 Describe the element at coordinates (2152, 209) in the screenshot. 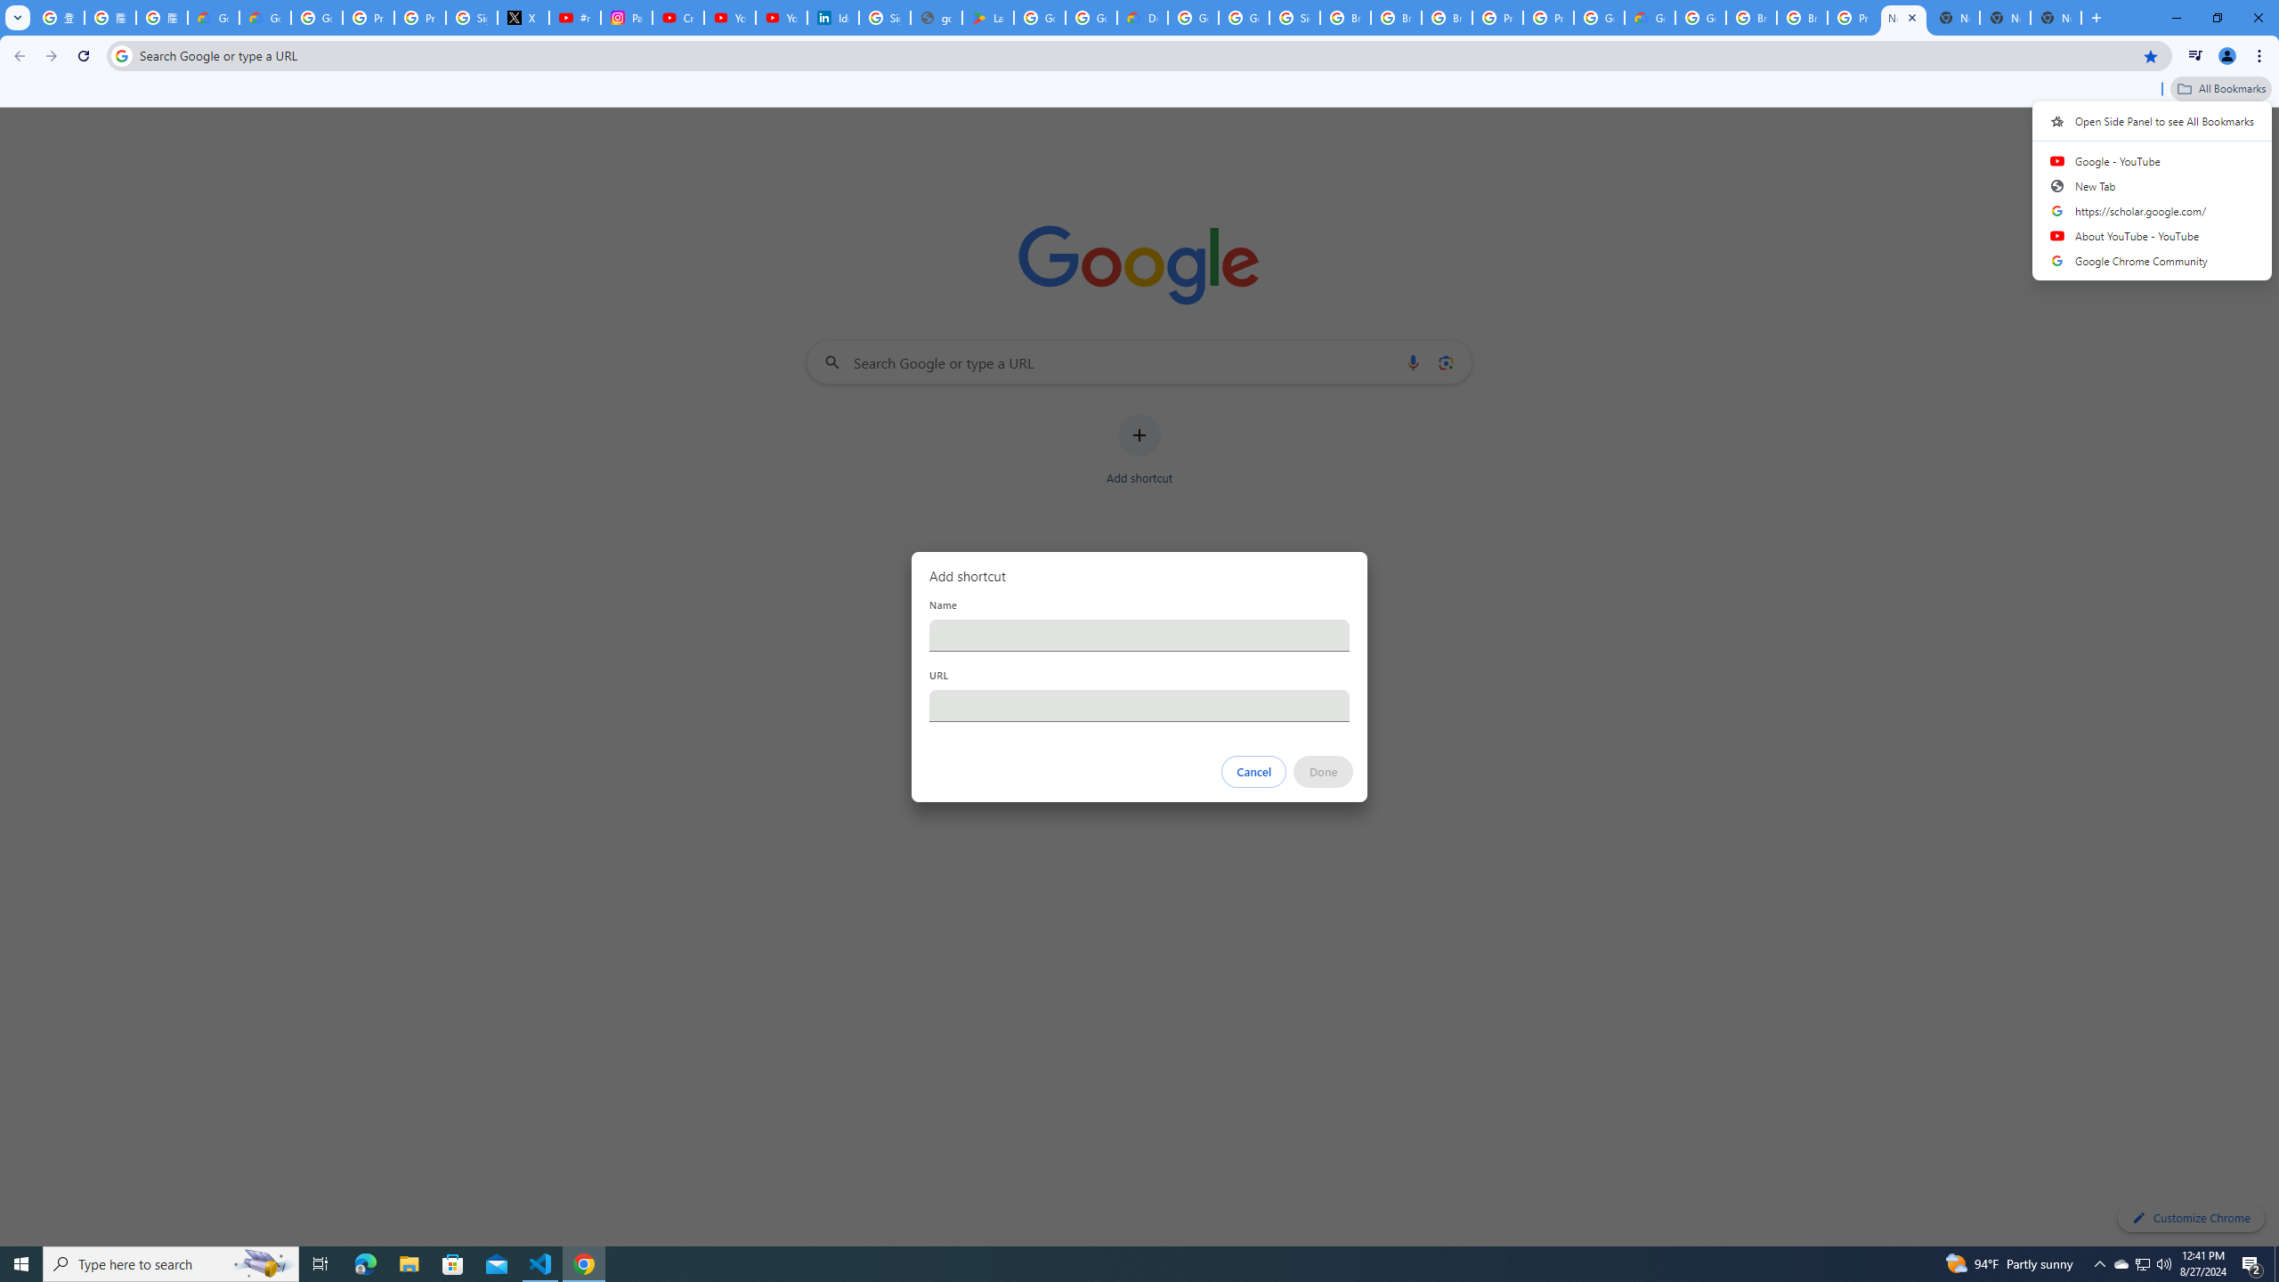

I see `'https://scholar.google.com/'` at that location.